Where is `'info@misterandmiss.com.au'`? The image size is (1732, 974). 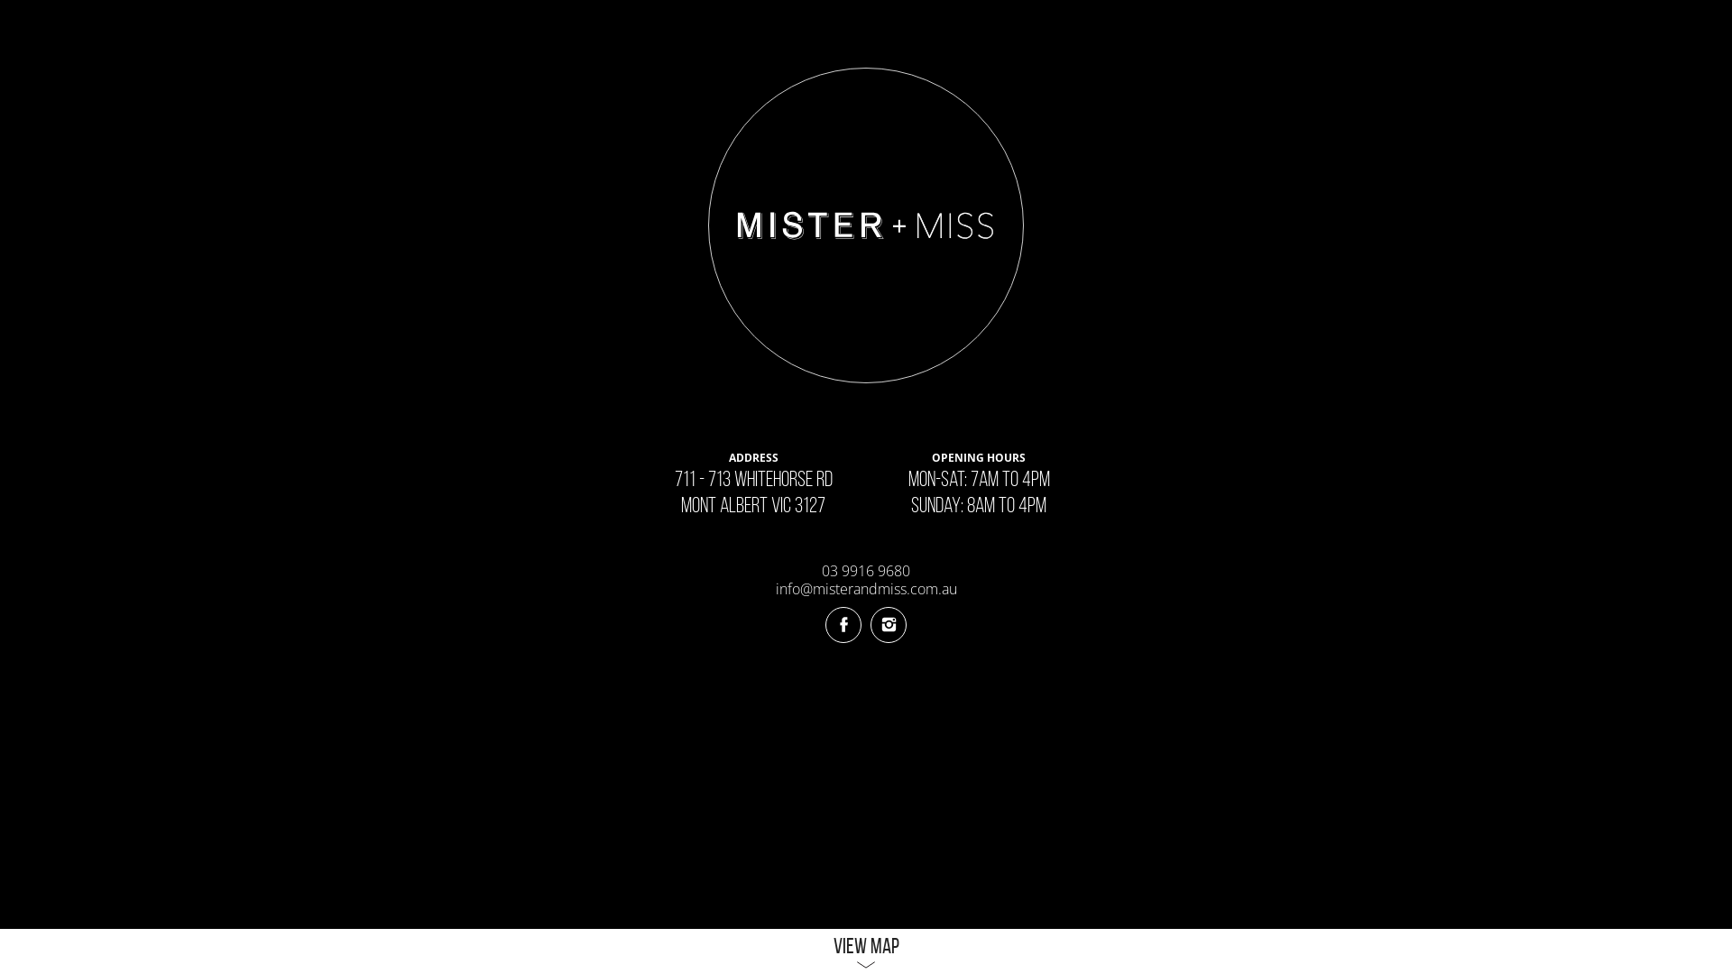
'info@misterandmiss.com.au' is located at coordinates (866, 588).